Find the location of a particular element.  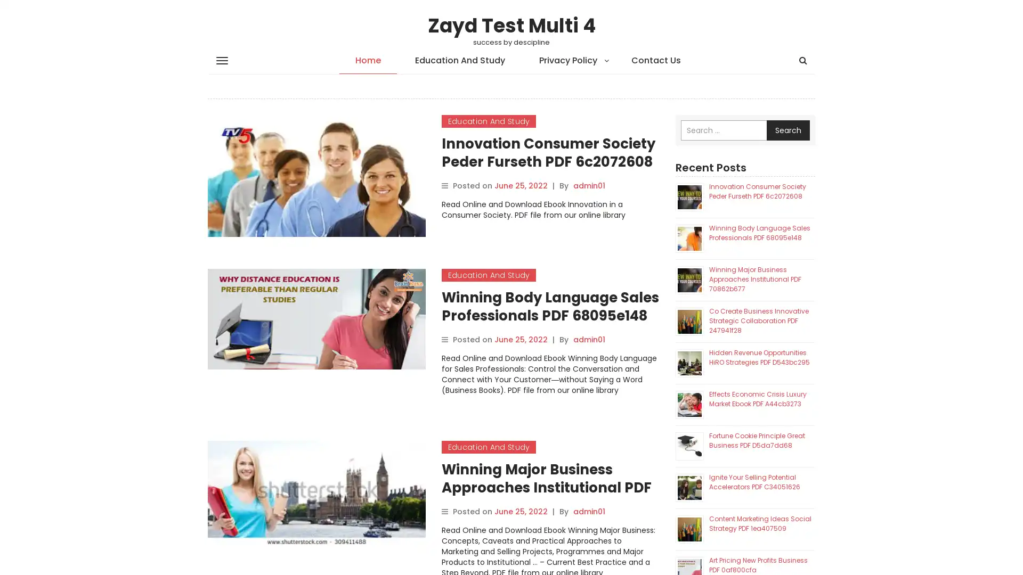

Search is located at coordinates (788, 130).